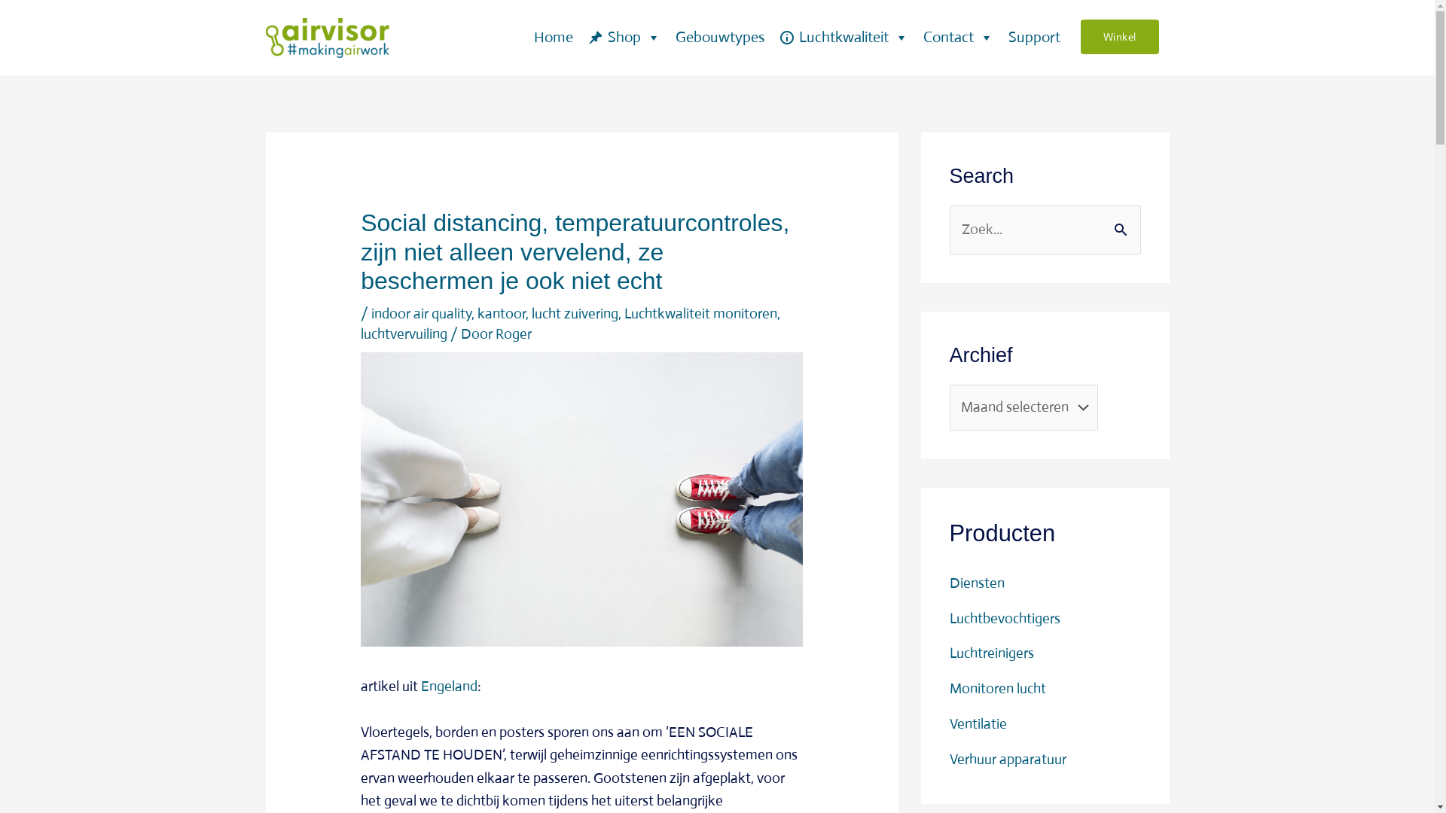  Describe the element at coordinates (976, 582) in the screenshot. I see `'Diensten'` at that location.